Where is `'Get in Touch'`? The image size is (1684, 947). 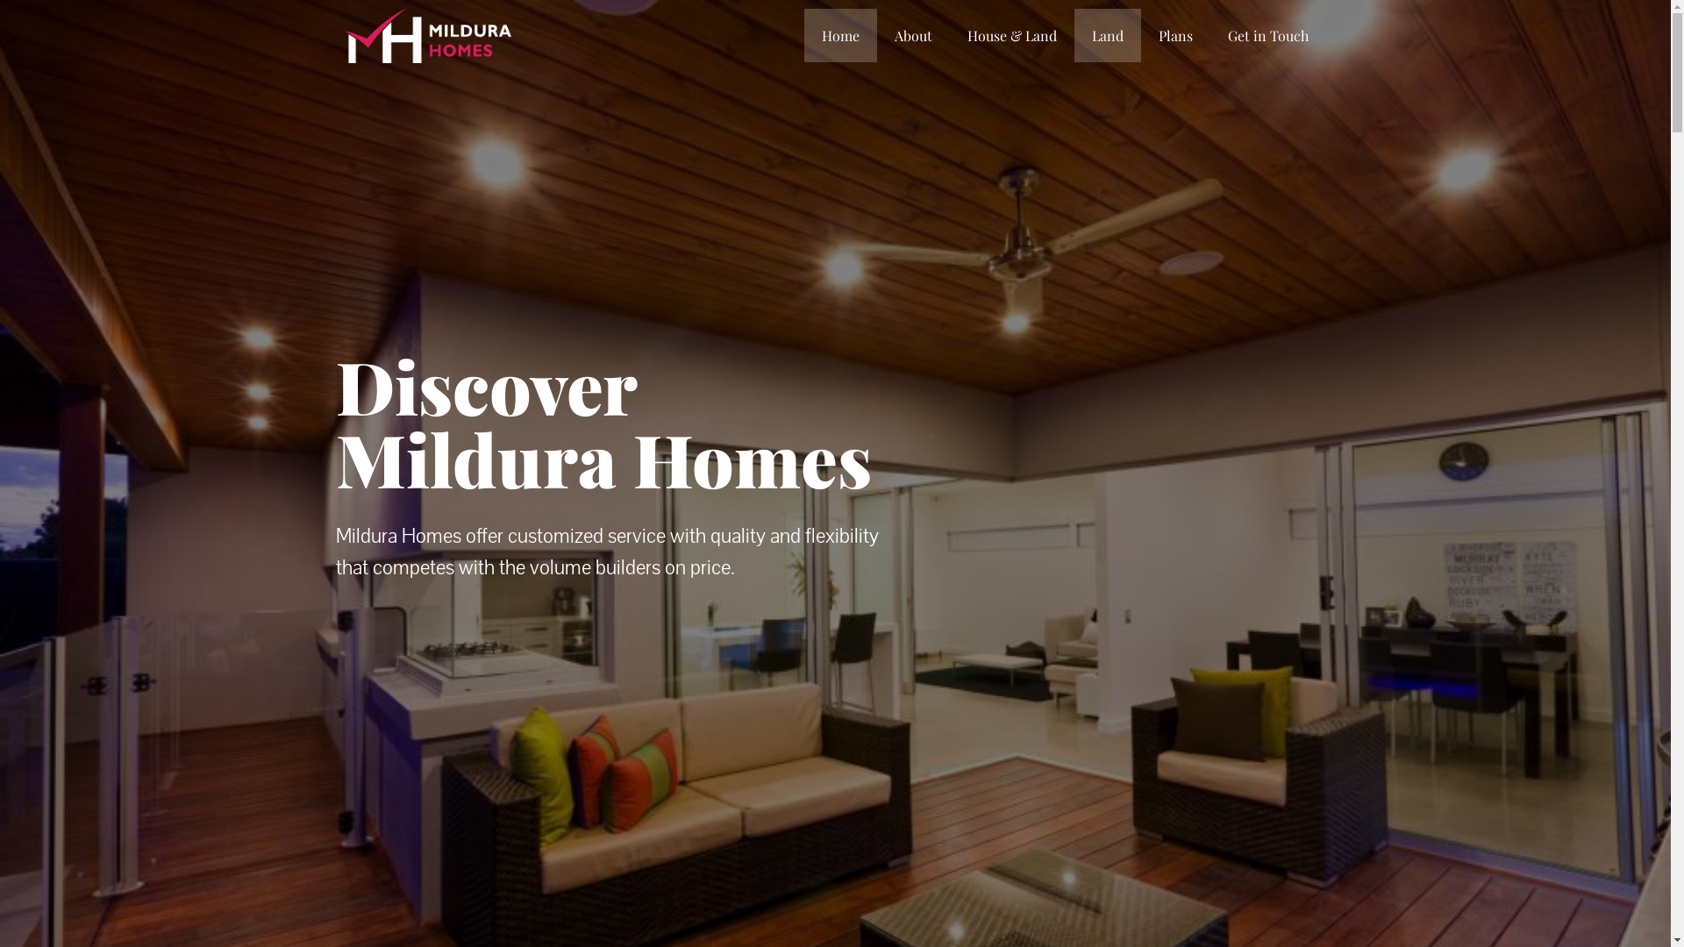 'Get in Touch' is located at coordinates (1267, 35).